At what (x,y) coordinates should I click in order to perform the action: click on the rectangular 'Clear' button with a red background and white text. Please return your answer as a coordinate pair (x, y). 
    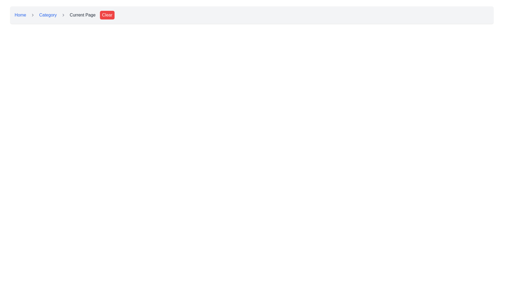
    Looking at the image, I should click on (107, 15).